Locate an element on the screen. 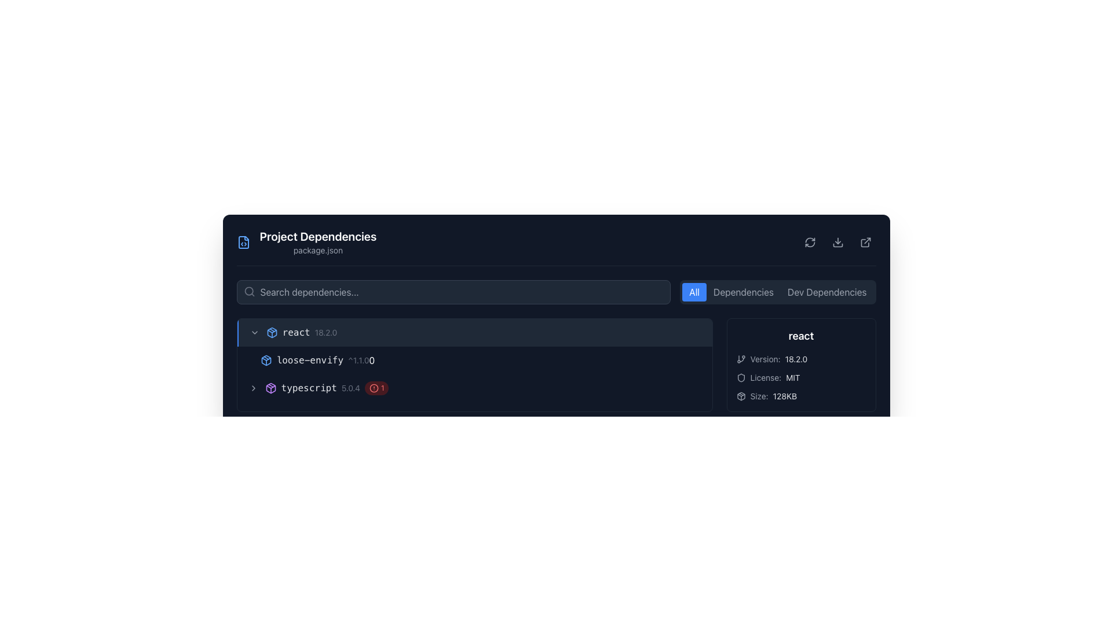  the Interactive icon (toggle or chevron button) associated with 'typescript 5.0.4' is located at coordinates (253, 388).